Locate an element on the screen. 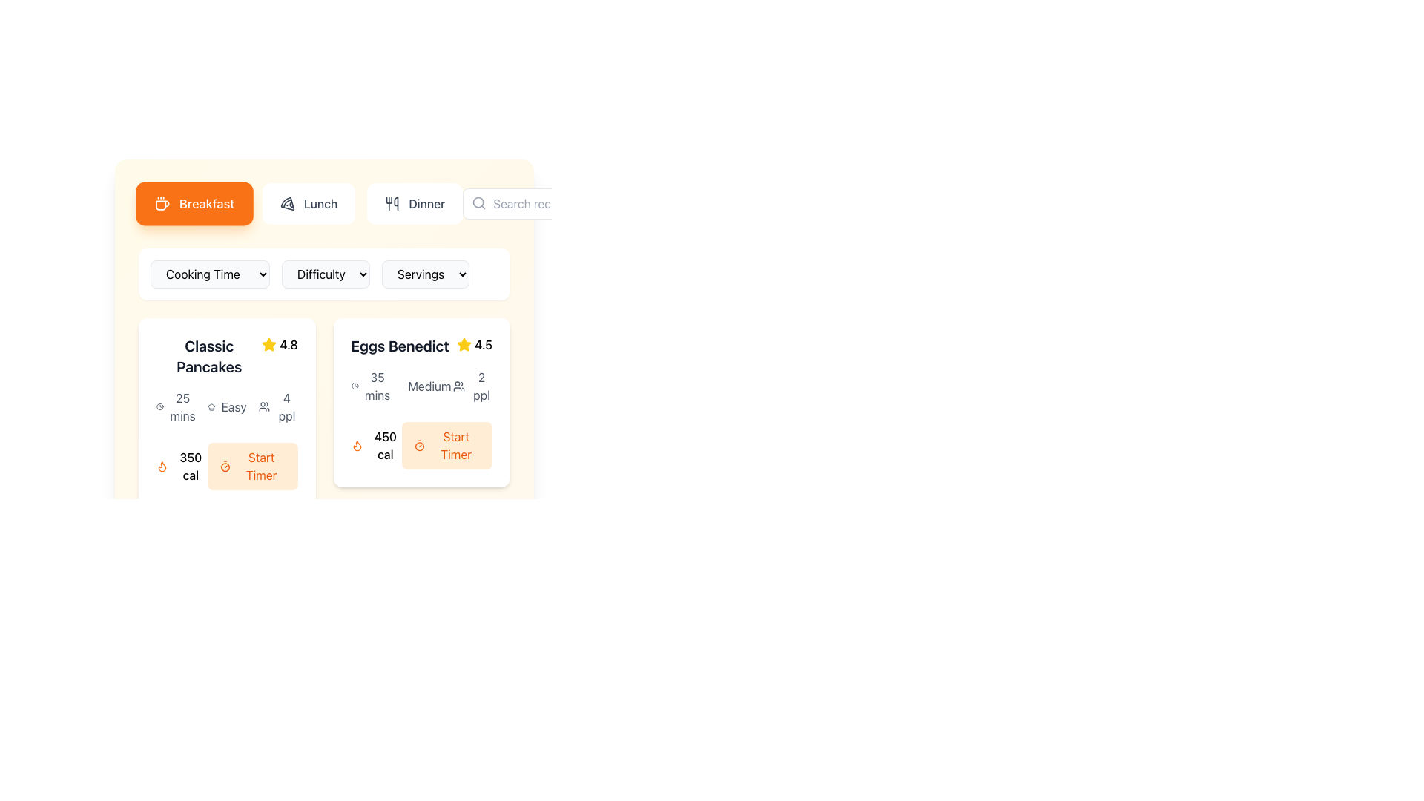  numeric text '4.8' displayed in bold style next to the yellow star icon in the upper-right corner of the 'Classic Pancakes' card is located at coordinates (289, 345).